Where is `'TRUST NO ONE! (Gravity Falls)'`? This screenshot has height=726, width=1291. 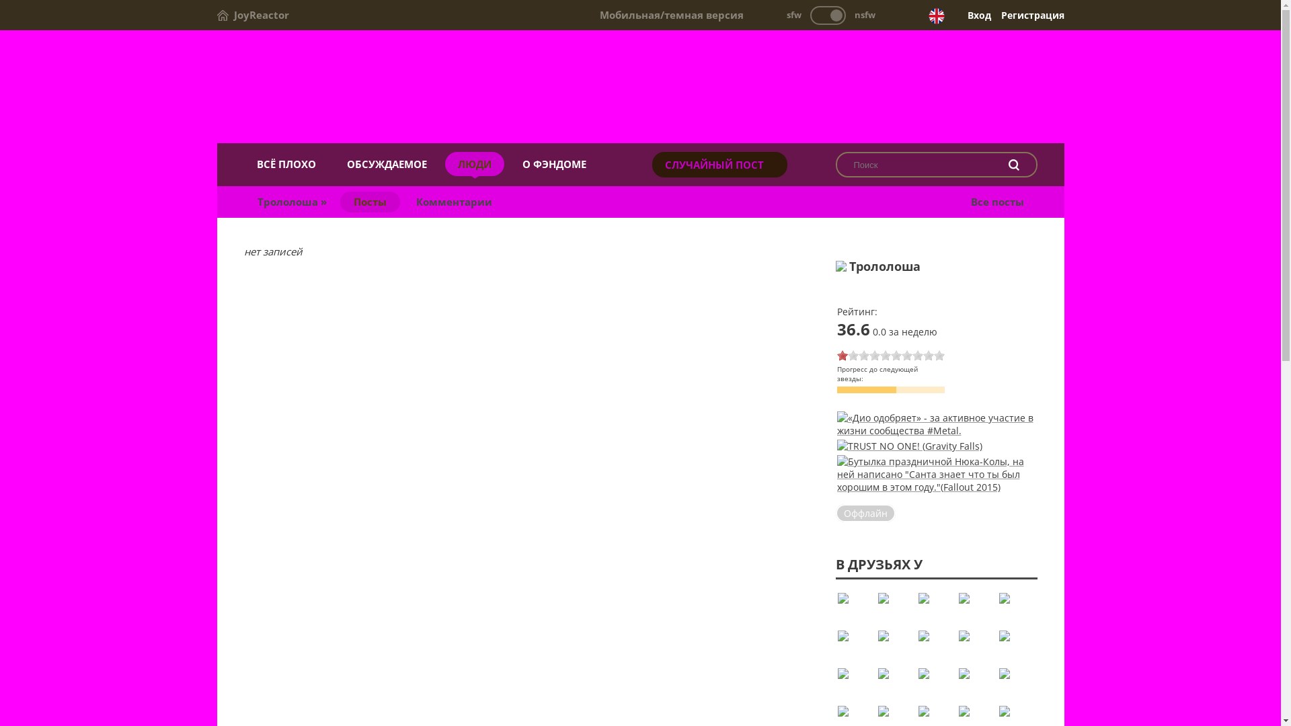
'TRUST NO ONE! (Gravity Falls)' is located at coordinates (909, 446).